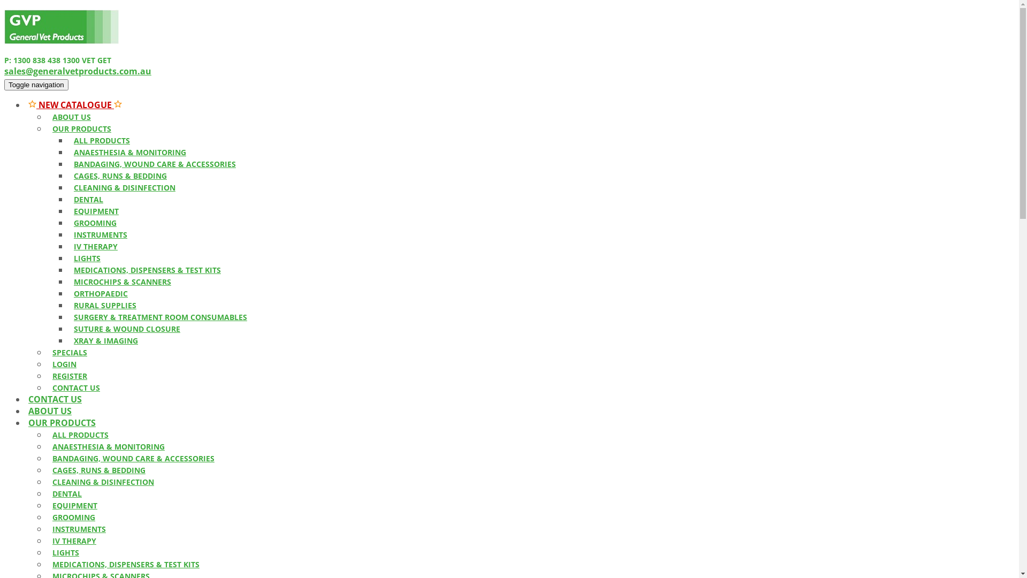 This screenshot has width=1027, height=578. Describe the element at coordinates (101, 293) in the screenshot. I see `'ORTHOPAEDIC'` at that location.